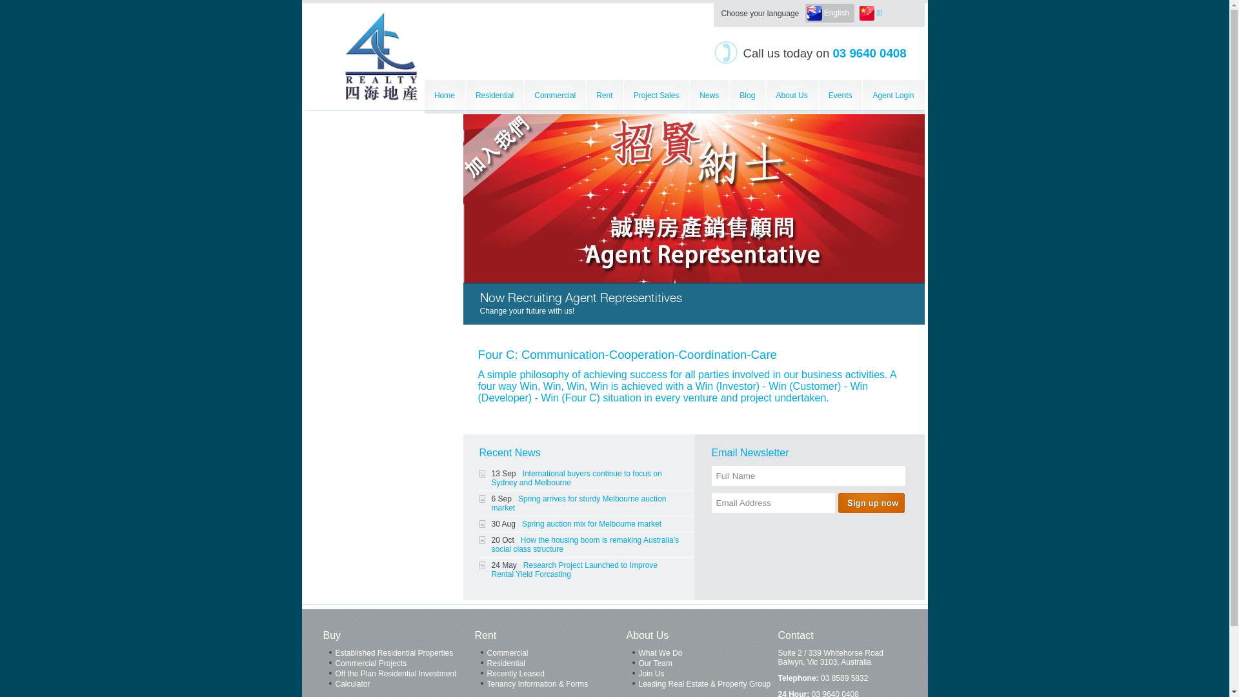 This screenshot has height=697, width=1239. I want to click on 'Spring auction mix for Melbourne market', so click(590, 524).